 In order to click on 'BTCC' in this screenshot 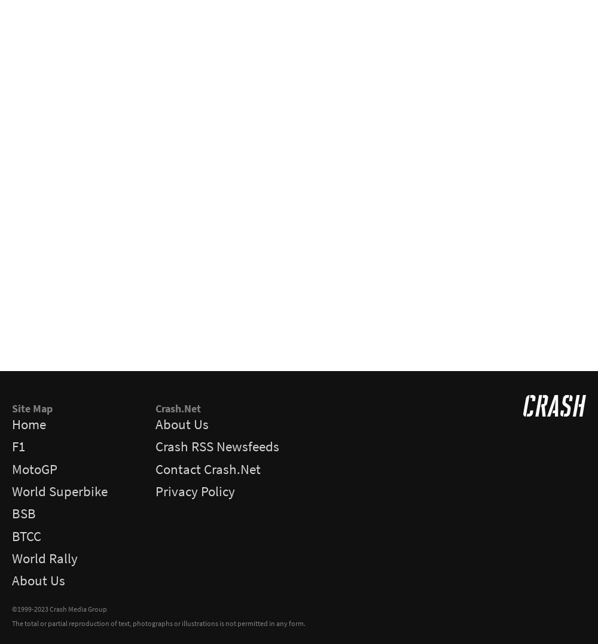, I will do `click(26, 536)`.